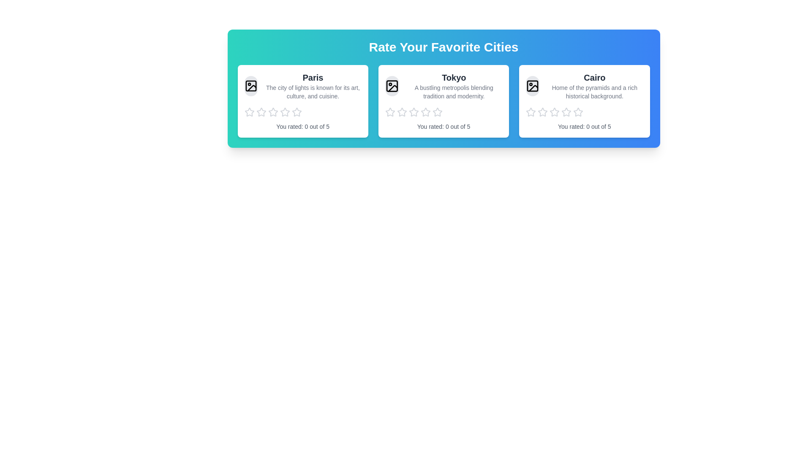 The height and width of the screenshot is (456, 811). What do you see at coordinates (584, 100) in the screenshot?
I see `the interactive card for Cairo, which is the third card in a row of three, located on the rightmost side among its siblings, to trigger any style changes if applicable` at bounding box center [584, 100].